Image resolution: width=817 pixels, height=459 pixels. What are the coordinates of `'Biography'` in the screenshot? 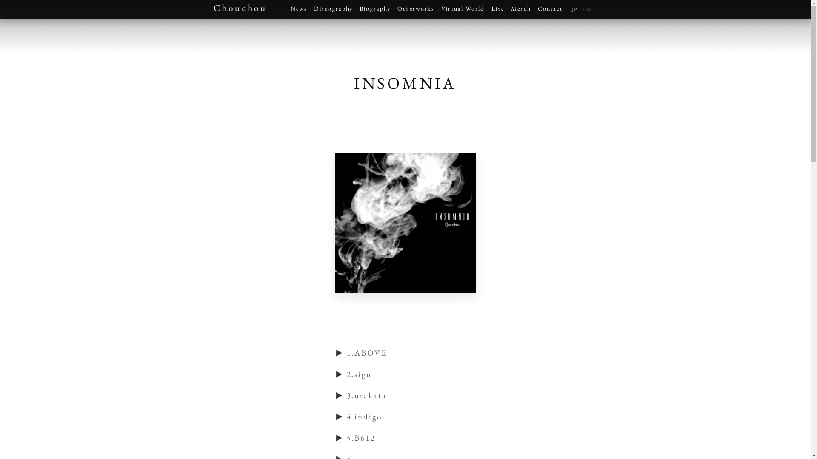 It's located at (374, 9).